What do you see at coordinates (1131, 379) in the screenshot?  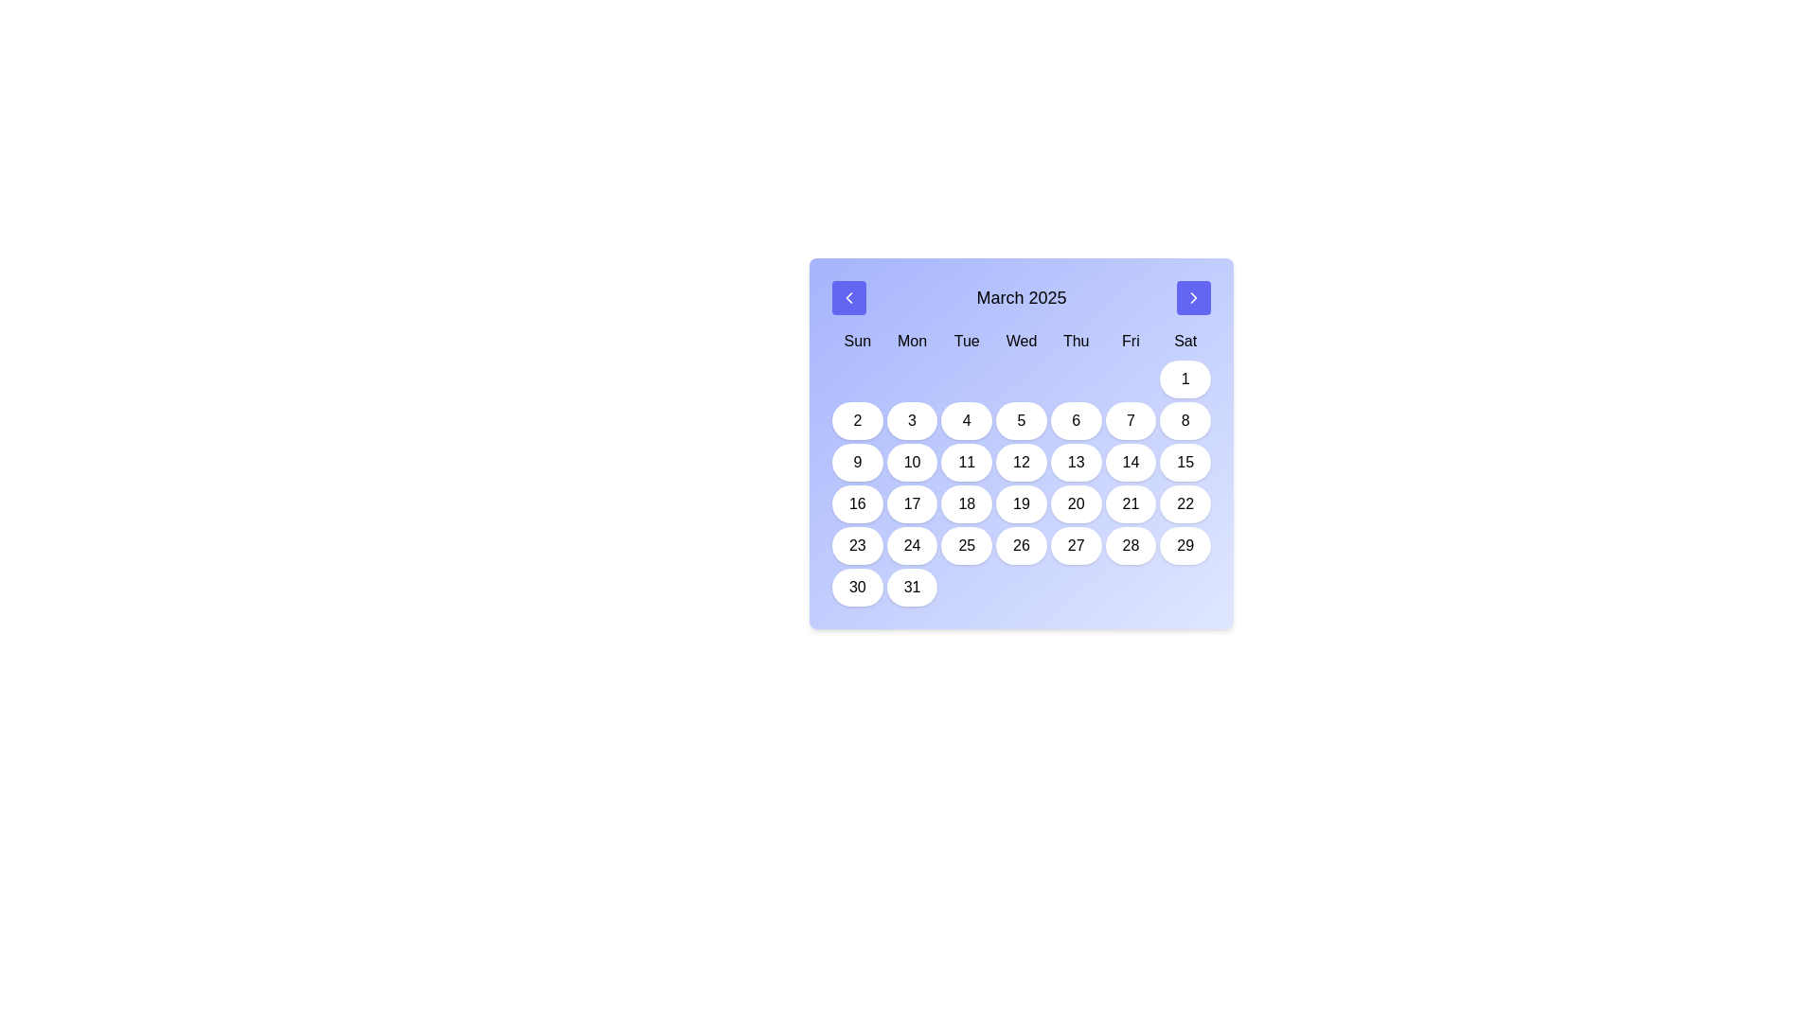 I see `the placeholder element in the first row, sixth column of the calendar grid` at bounding box center [1131, 379].